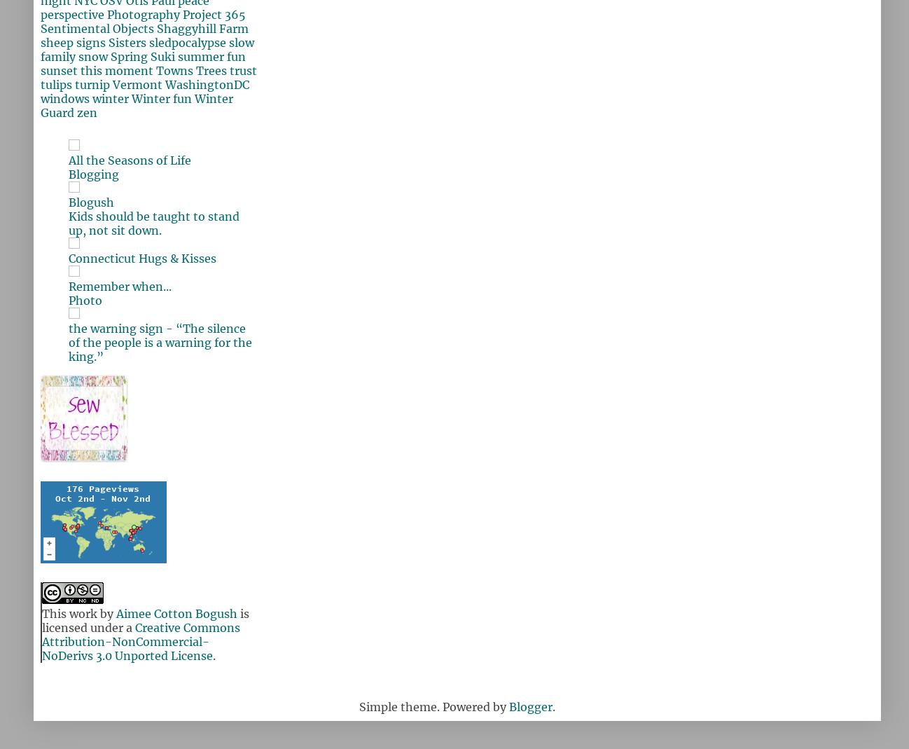  I want to click on 'Thank you so much for visiting!', so click(97, 666).